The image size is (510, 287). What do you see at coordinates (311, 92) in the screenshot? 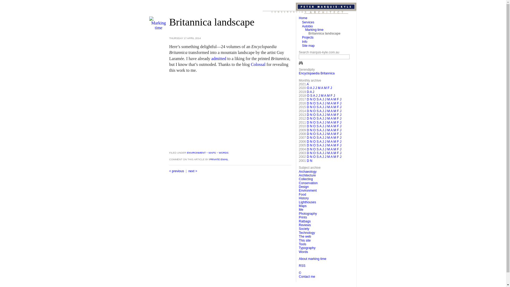
I see `'A'` at bounding box center [311, 92].